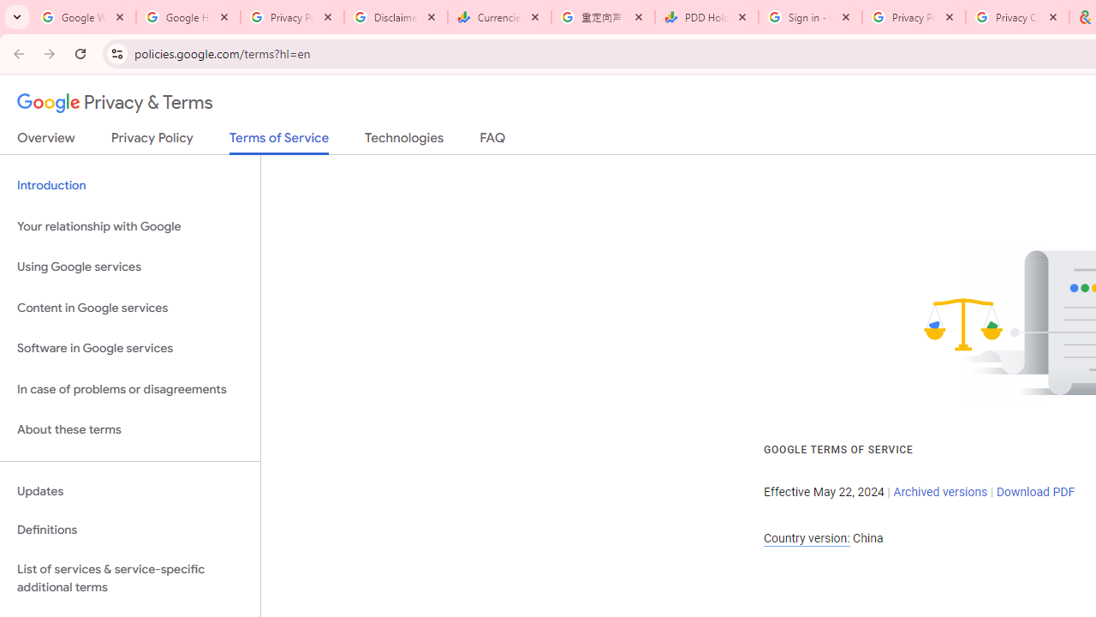  What do you see at coordinates (129, 429) in the screenshot?
I see `'About these terms'` at bounding box center [129, 429].